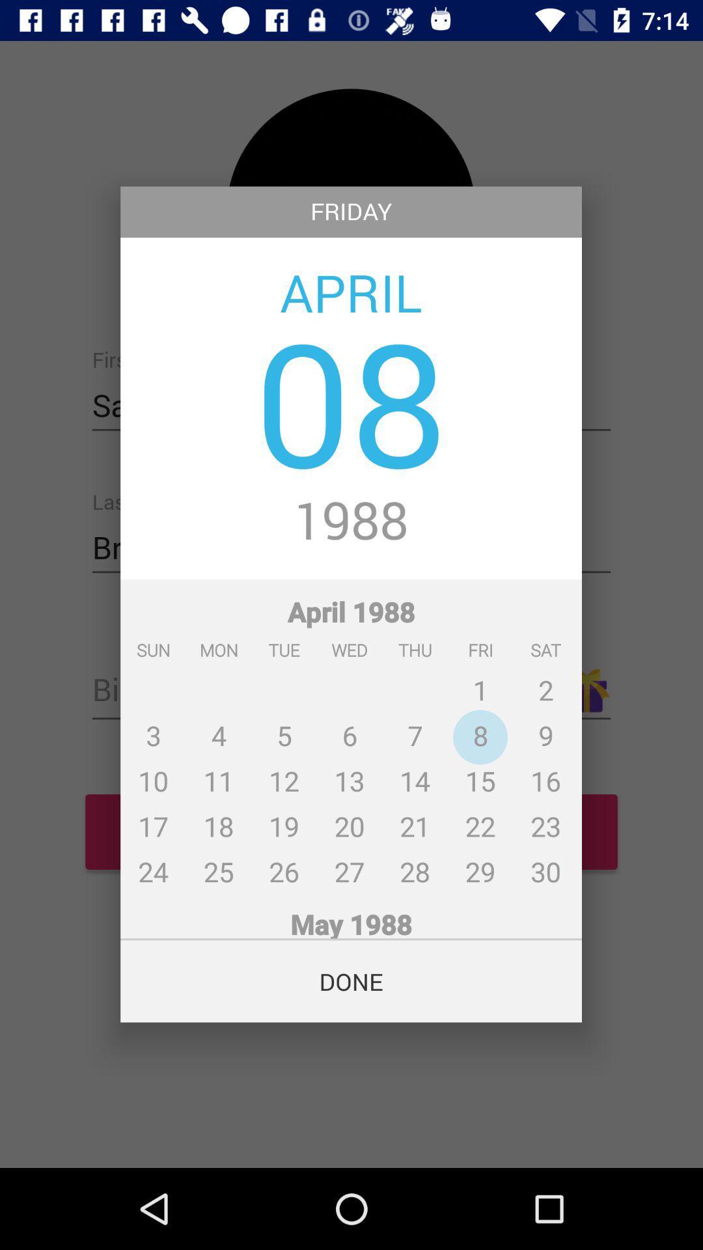 Image resolution: width=703 pixels, height=1250 pixels. Describe the element at coordinates (350, 981) in the screenshot. I see `the done icon` at that location.